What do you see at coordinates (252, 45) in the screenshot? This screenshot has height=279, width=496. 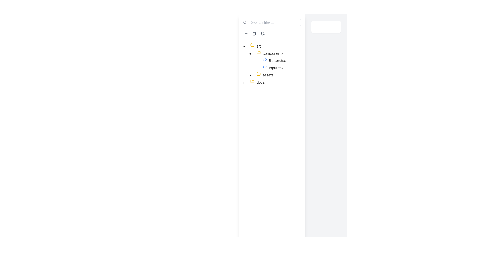 I see `the 'src' directory icon located in the left navigation panel` at bounding box center [252, 45].